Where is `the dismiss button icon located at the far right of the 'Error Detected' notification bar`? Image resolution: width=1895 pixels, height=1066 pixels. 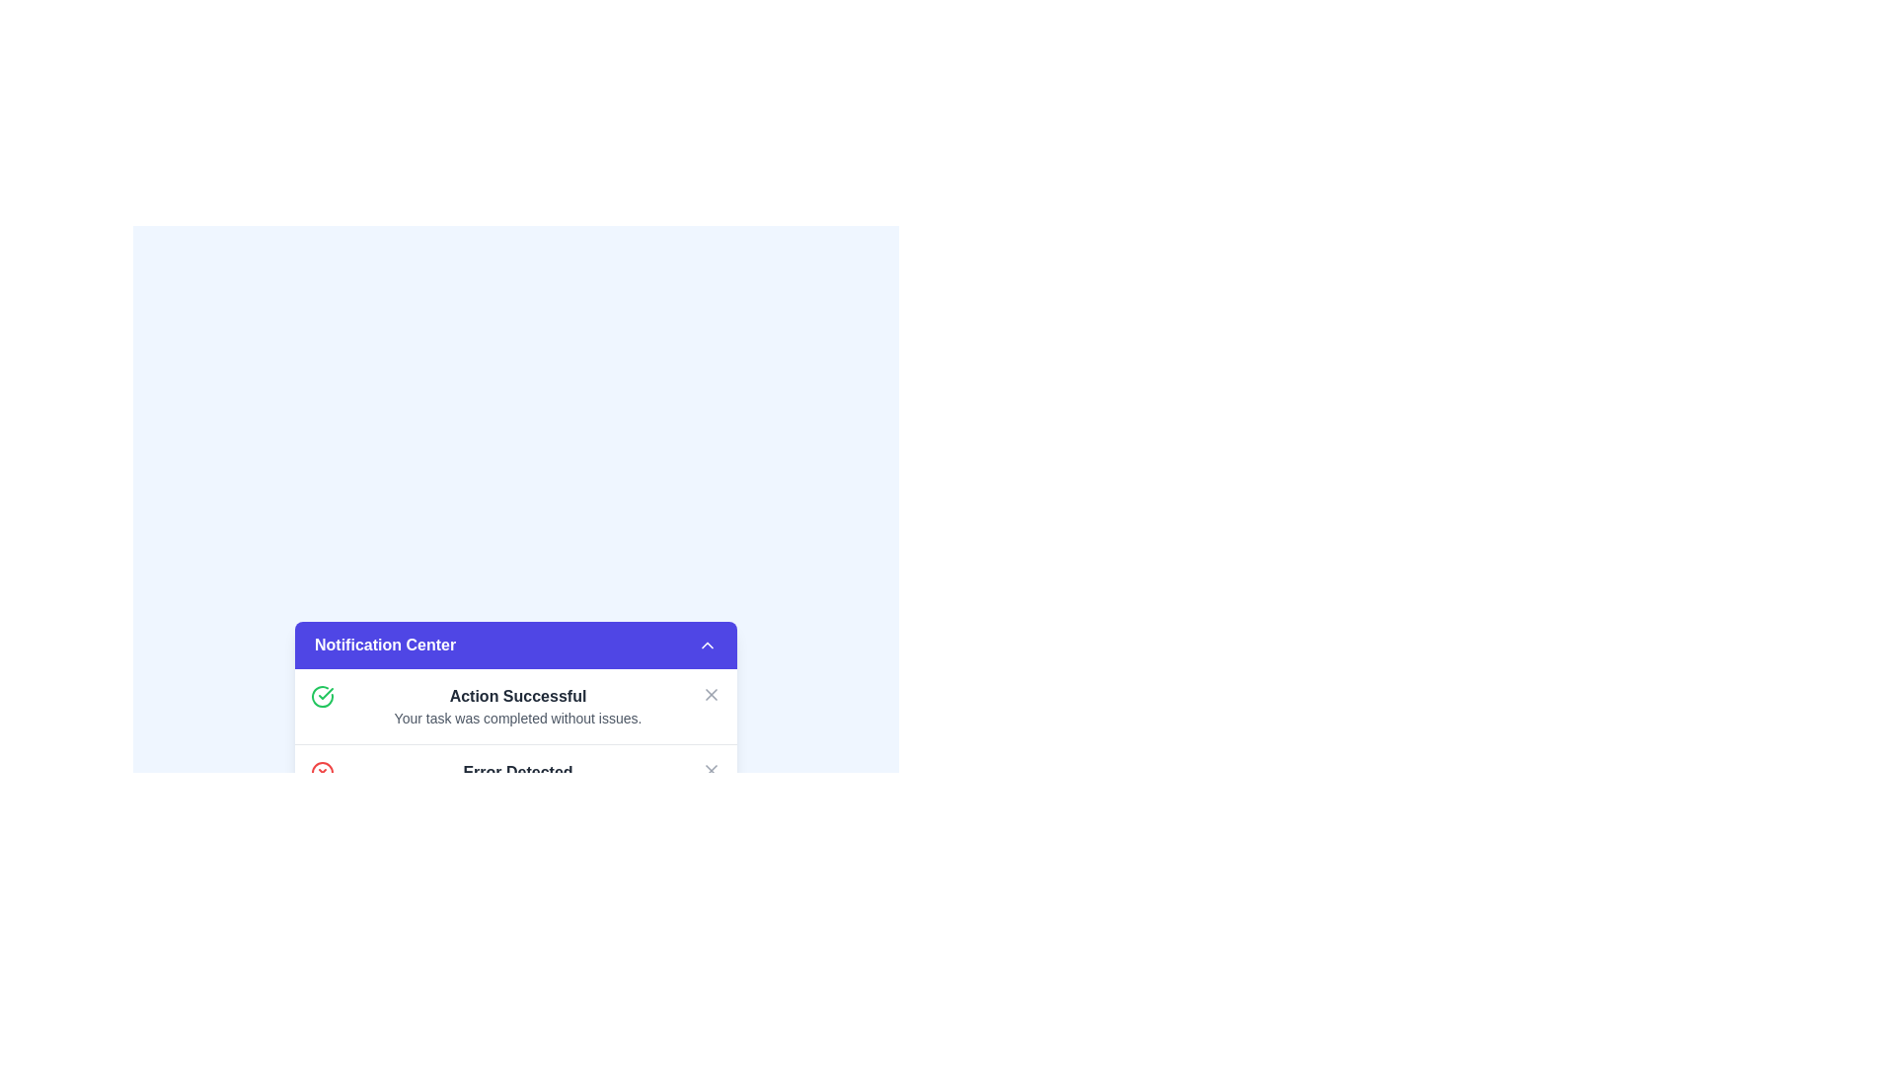
the dismiss button icon located at the far right of the 'Error Detected' notification bar is located at coordinates (711, 769).